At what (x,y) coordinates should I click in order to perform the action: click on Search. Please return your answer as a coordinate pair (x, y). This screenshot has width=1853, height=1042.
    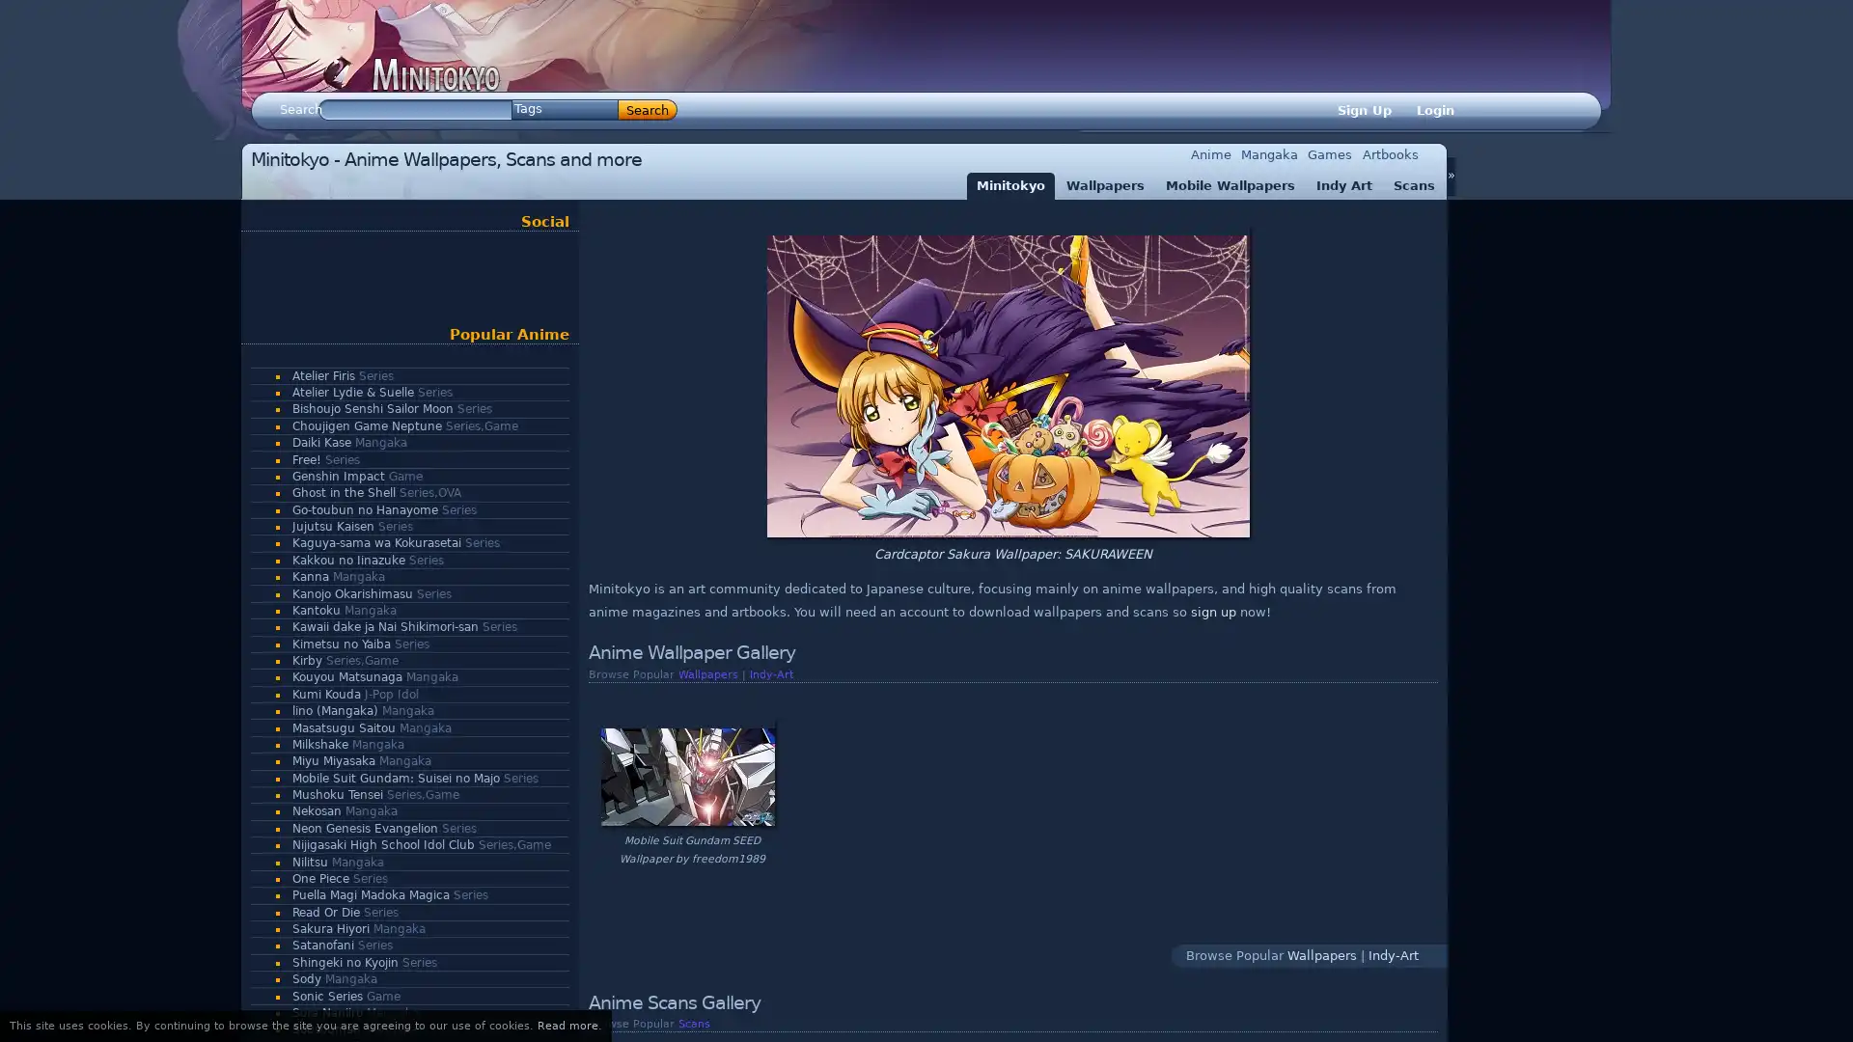
    Looking at the image, I should click on (648, 110).